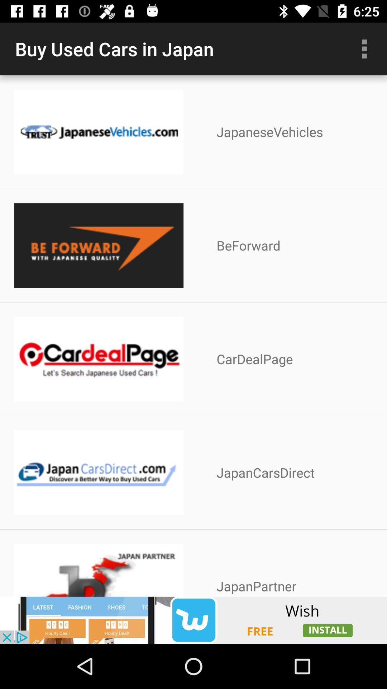 The width and height of the screenshot is (387, 689). I want to click on menu button, so click(364, 48).